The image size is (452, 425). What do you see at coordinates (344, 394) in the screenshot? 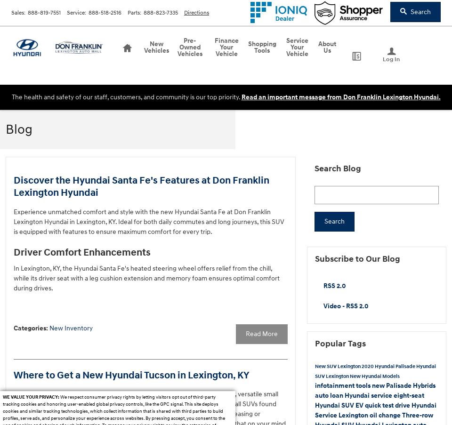
I see `'Hyundai service'` at bounding box center [344, 394].